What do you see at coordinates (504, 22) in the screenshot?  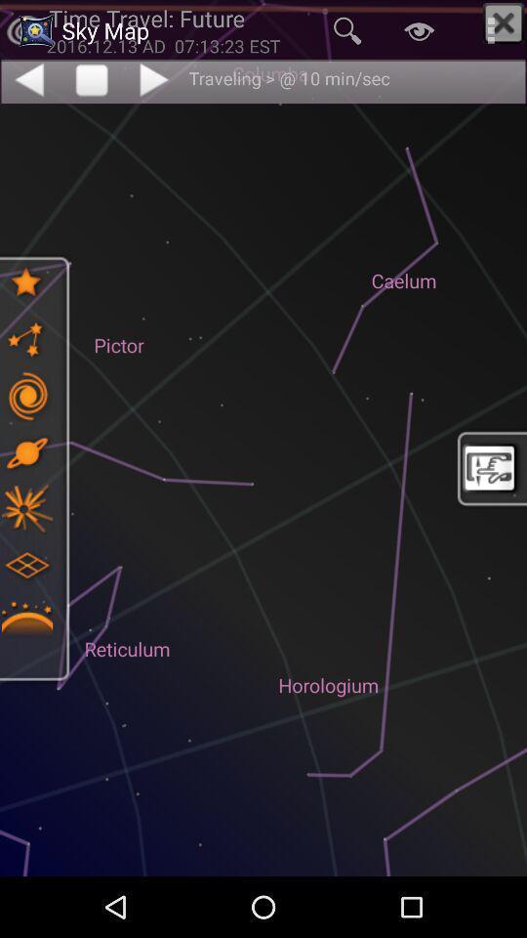 I see `the close icon` at bounding box center [504, 22].